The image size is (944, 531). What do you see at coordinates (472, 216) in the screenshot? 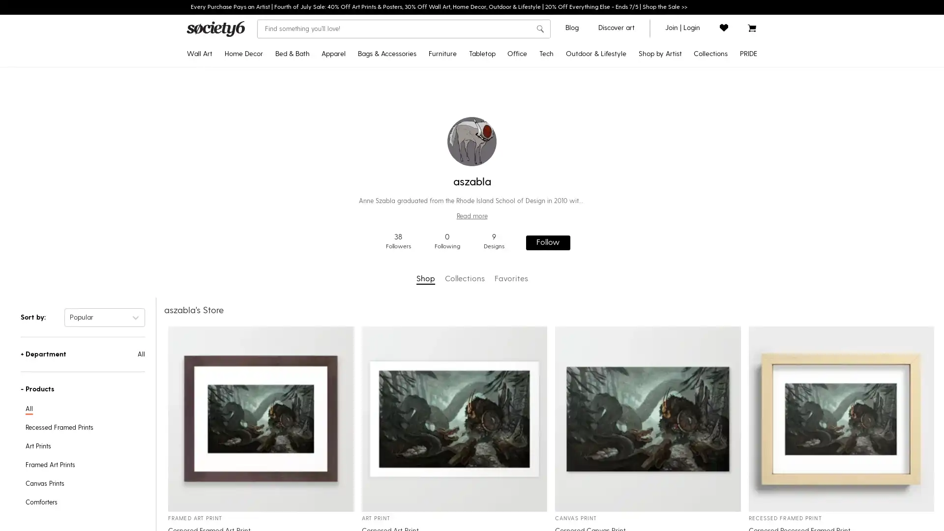
I see `Read more` at bounding box center [472, 216].